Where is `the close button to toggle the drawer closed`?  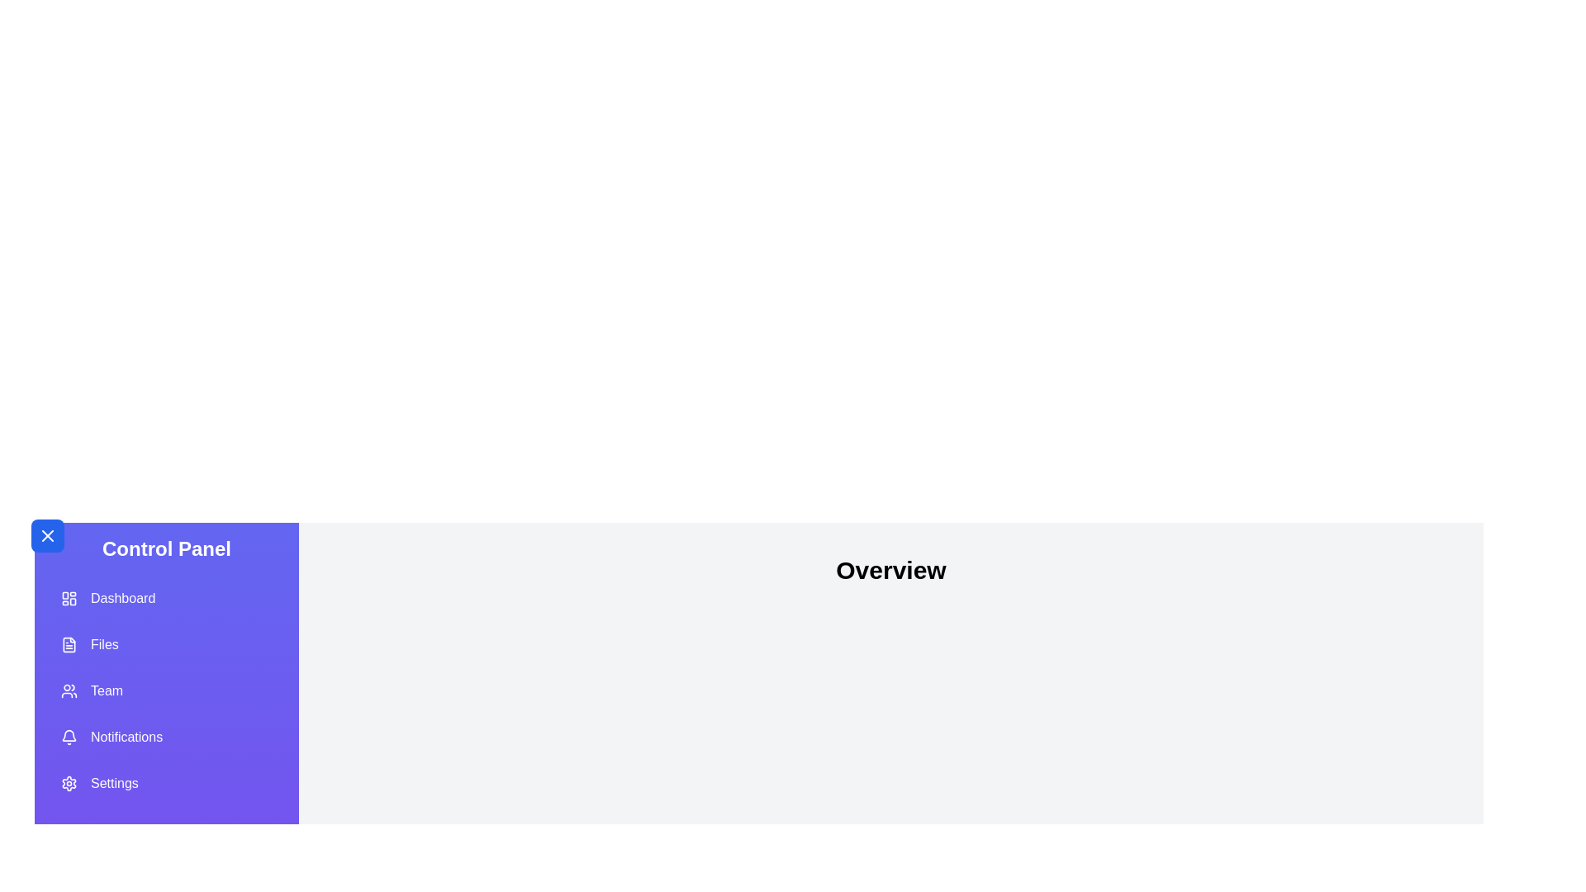
the close button to toggle the drawer closed is located at coordinates (47, 535).